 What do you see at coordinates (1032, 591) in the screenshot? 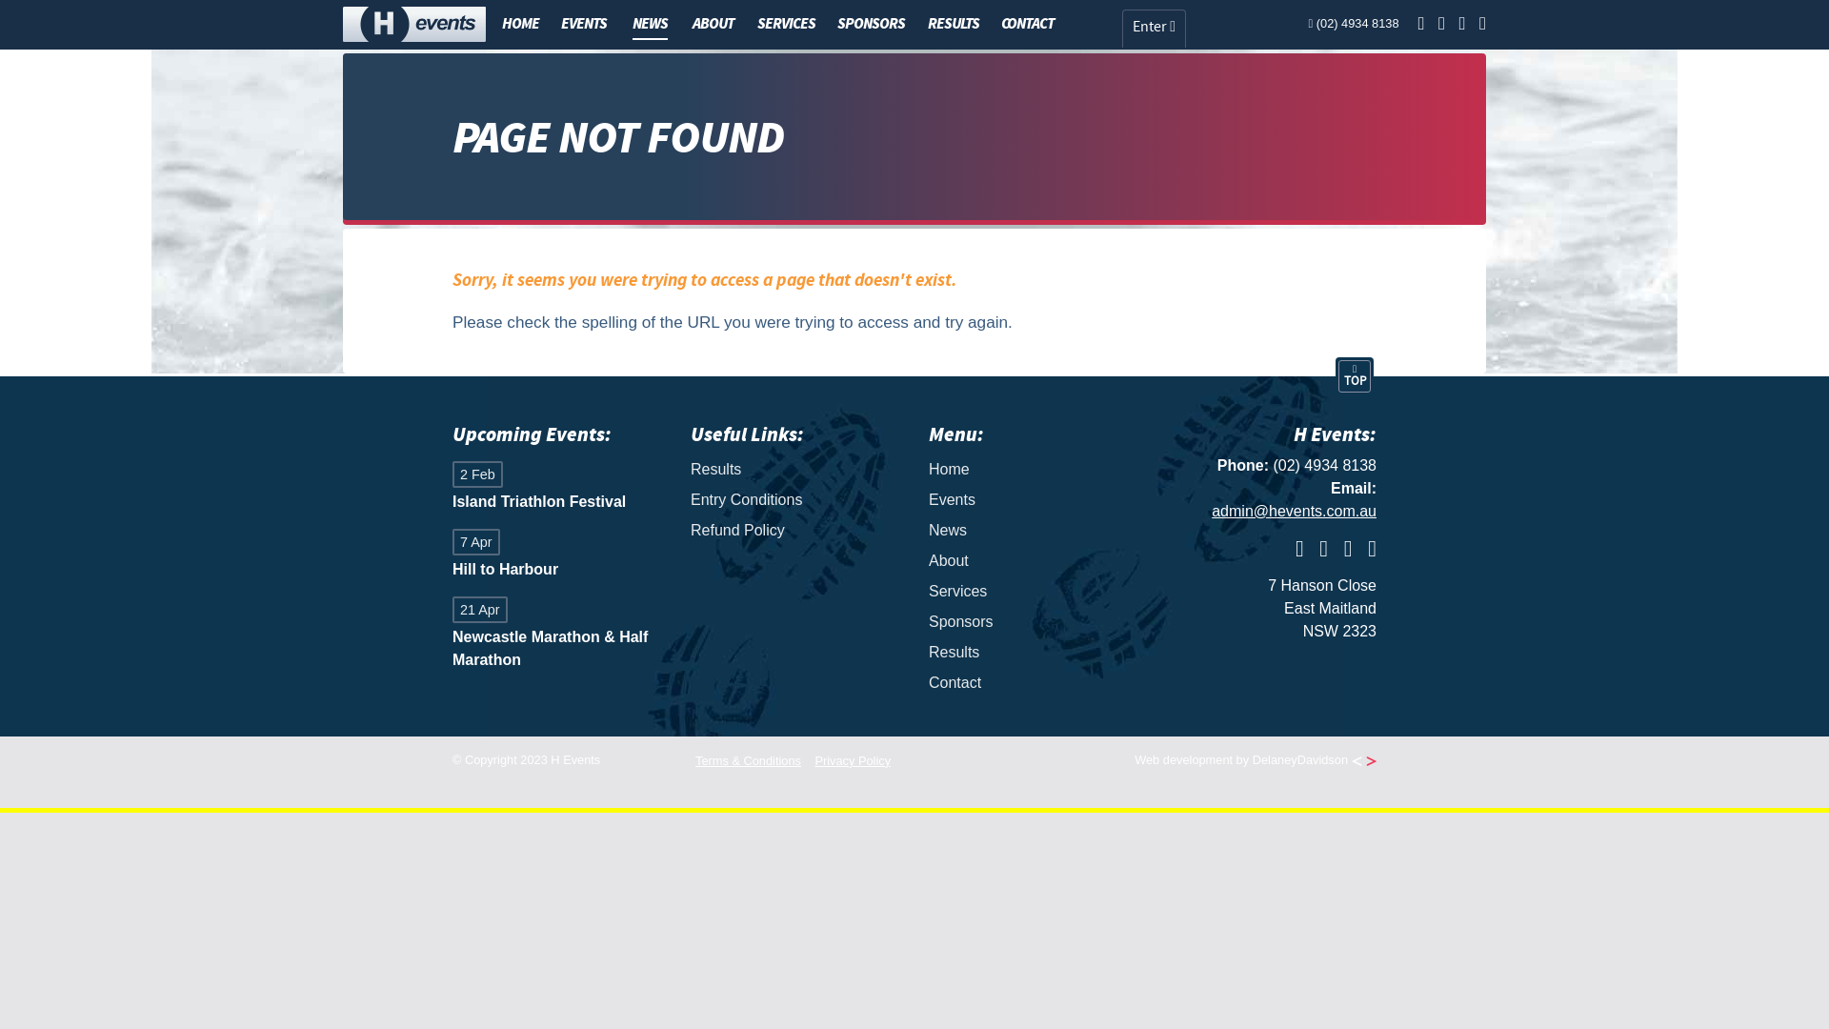
I see `'Services'` at bounding box center [1032, 591].